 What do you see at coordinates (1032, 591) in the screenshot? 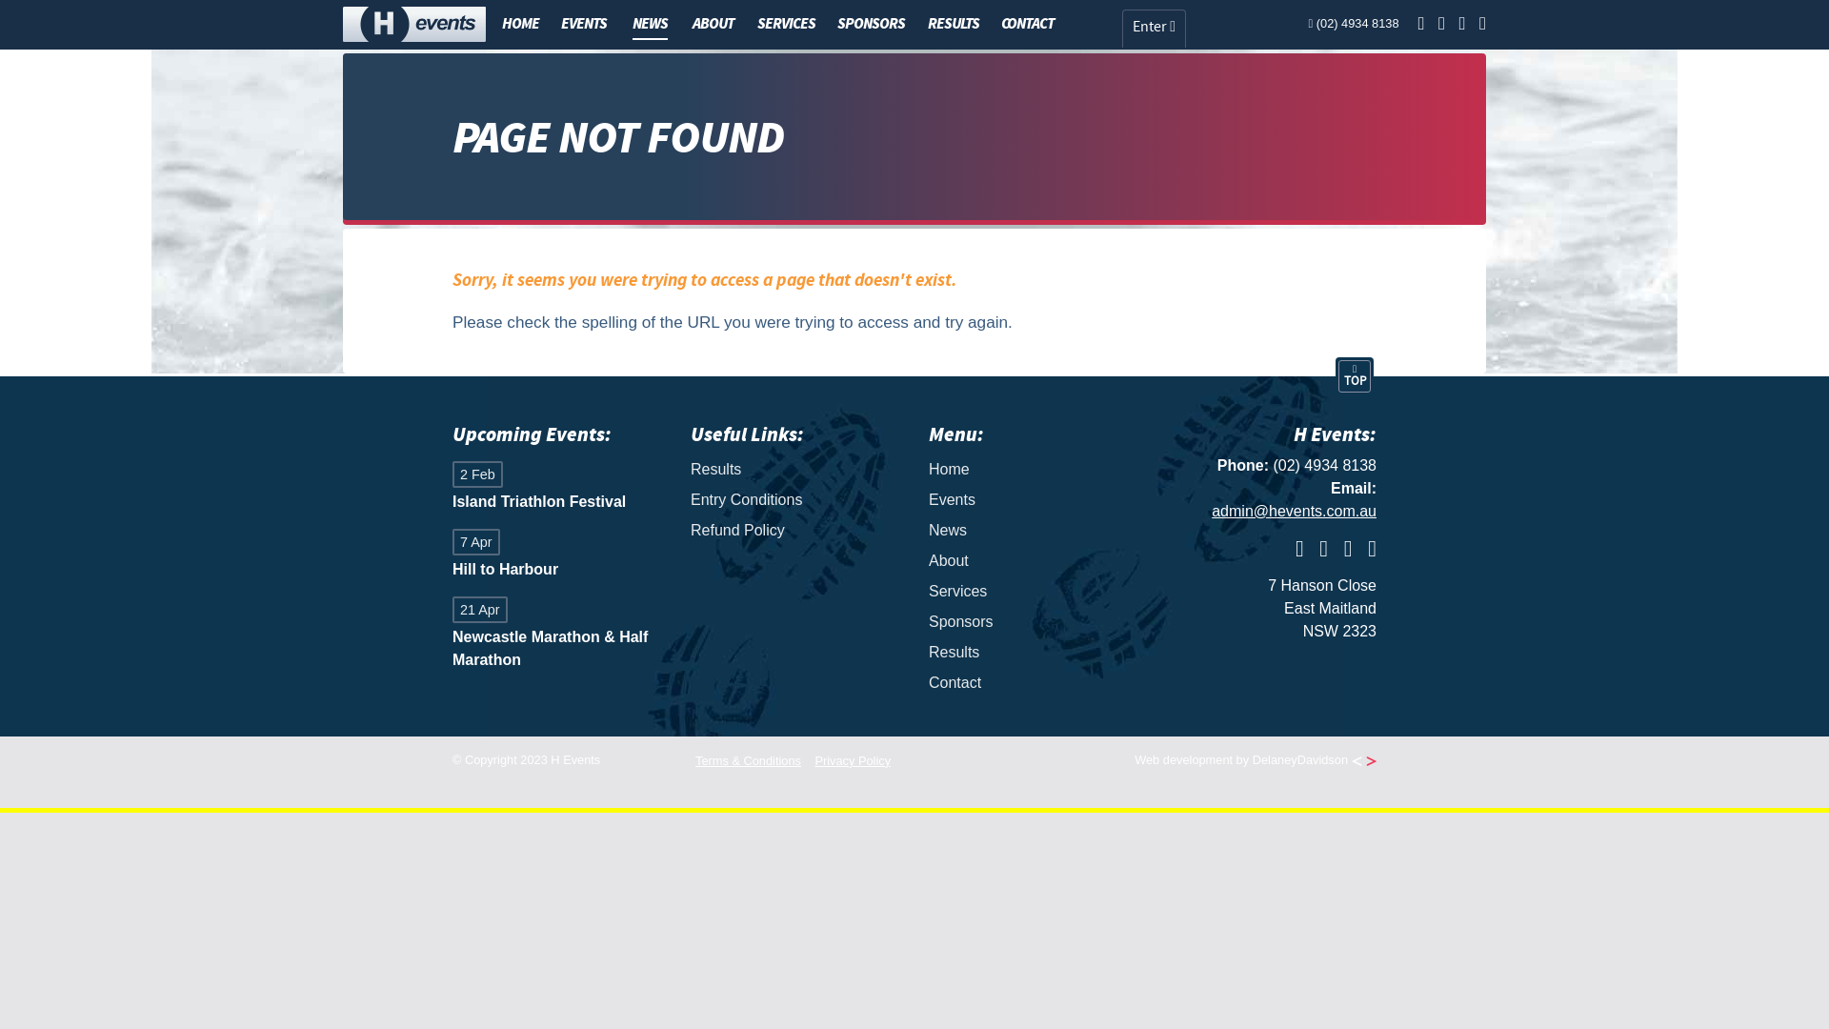
I see `'Services'` at bounding box center [1032, 591].